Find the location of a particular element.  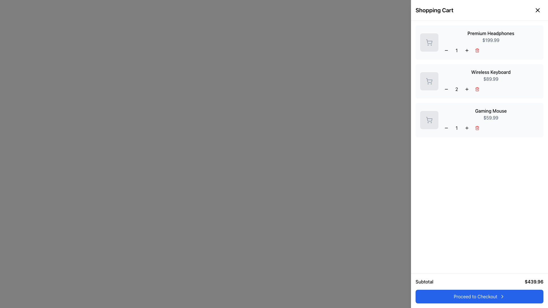

the checkout button located at the lower section of the shopping cart panel, directly beneath the subtotal details is located at coordinates (479, 296).